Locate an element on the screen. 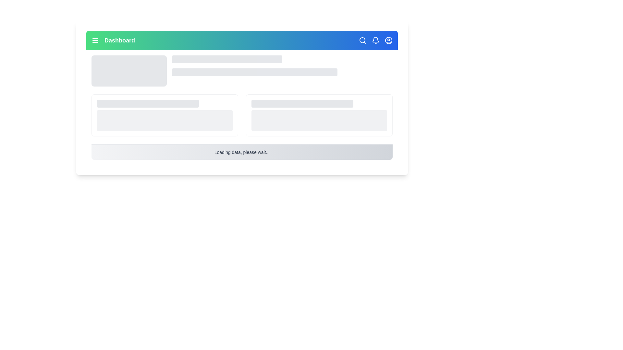 This screenshot has height=350, width=623. the SVG Circle that represents the lens of the magnifying glass icon, located in the top-right corner of the interface within the top navigation bar is located at coordinates (362, 40).